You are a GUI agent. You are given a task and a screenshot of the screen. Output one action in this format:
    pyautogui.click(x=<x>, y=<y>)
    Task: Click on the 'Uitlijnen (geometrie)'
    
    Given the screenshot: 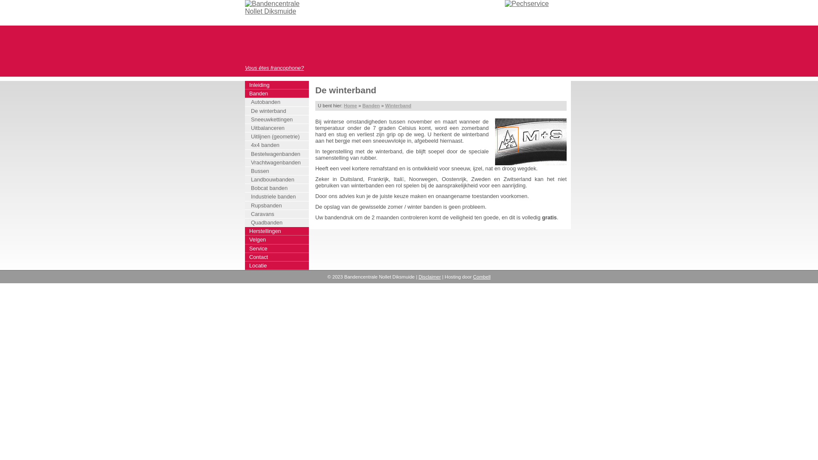 What is the action you would take?
    pyautogui.click(x=278, y=136)
    